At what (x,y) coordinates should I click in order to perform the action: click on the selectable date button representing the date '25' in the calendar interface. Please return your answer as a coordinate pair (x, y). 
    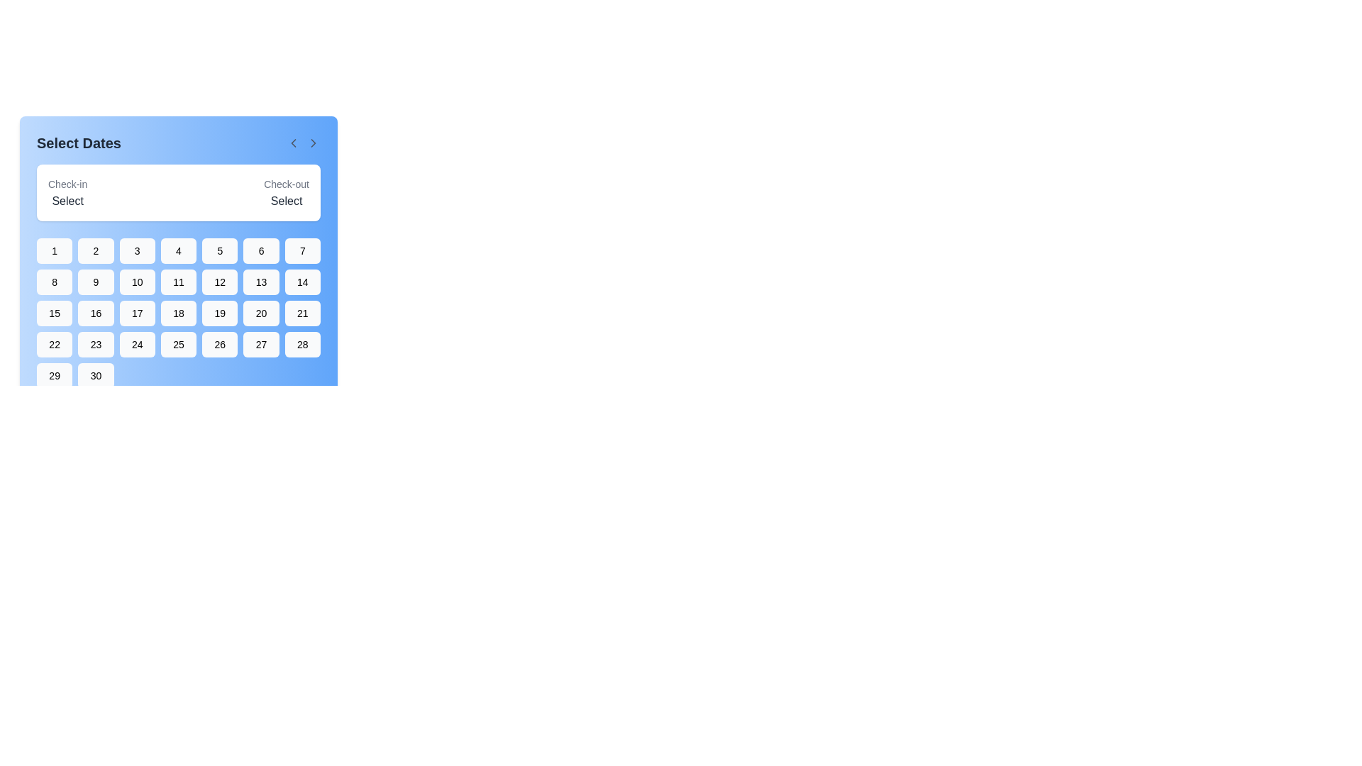
    Looking at the image, I should click on (177, 345).